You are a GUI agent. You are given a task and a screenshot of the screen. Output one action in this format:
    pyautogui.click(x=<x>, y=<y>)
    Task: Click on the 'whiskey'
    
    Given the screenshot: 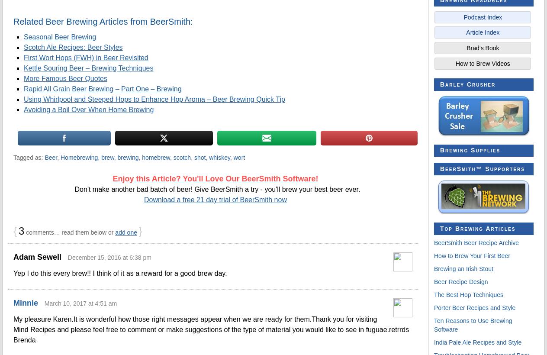 What is the action you would take?
    pyautogui.click(x=219, y=157)
    